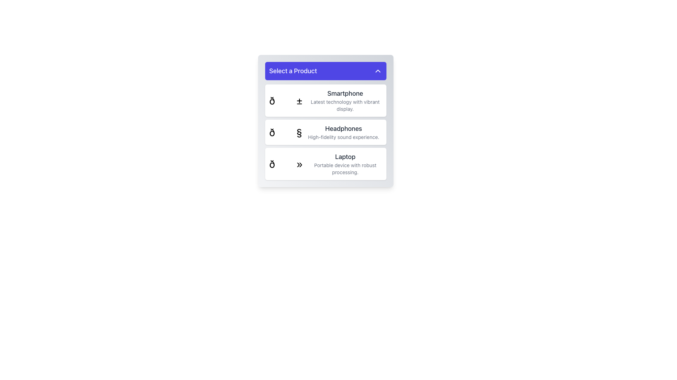 Image resolution: width=677 pixels, height=380 pixels. I want to click on the 'Headphones' list item, which features a bold title and a descriptive text, so click(343, 132).